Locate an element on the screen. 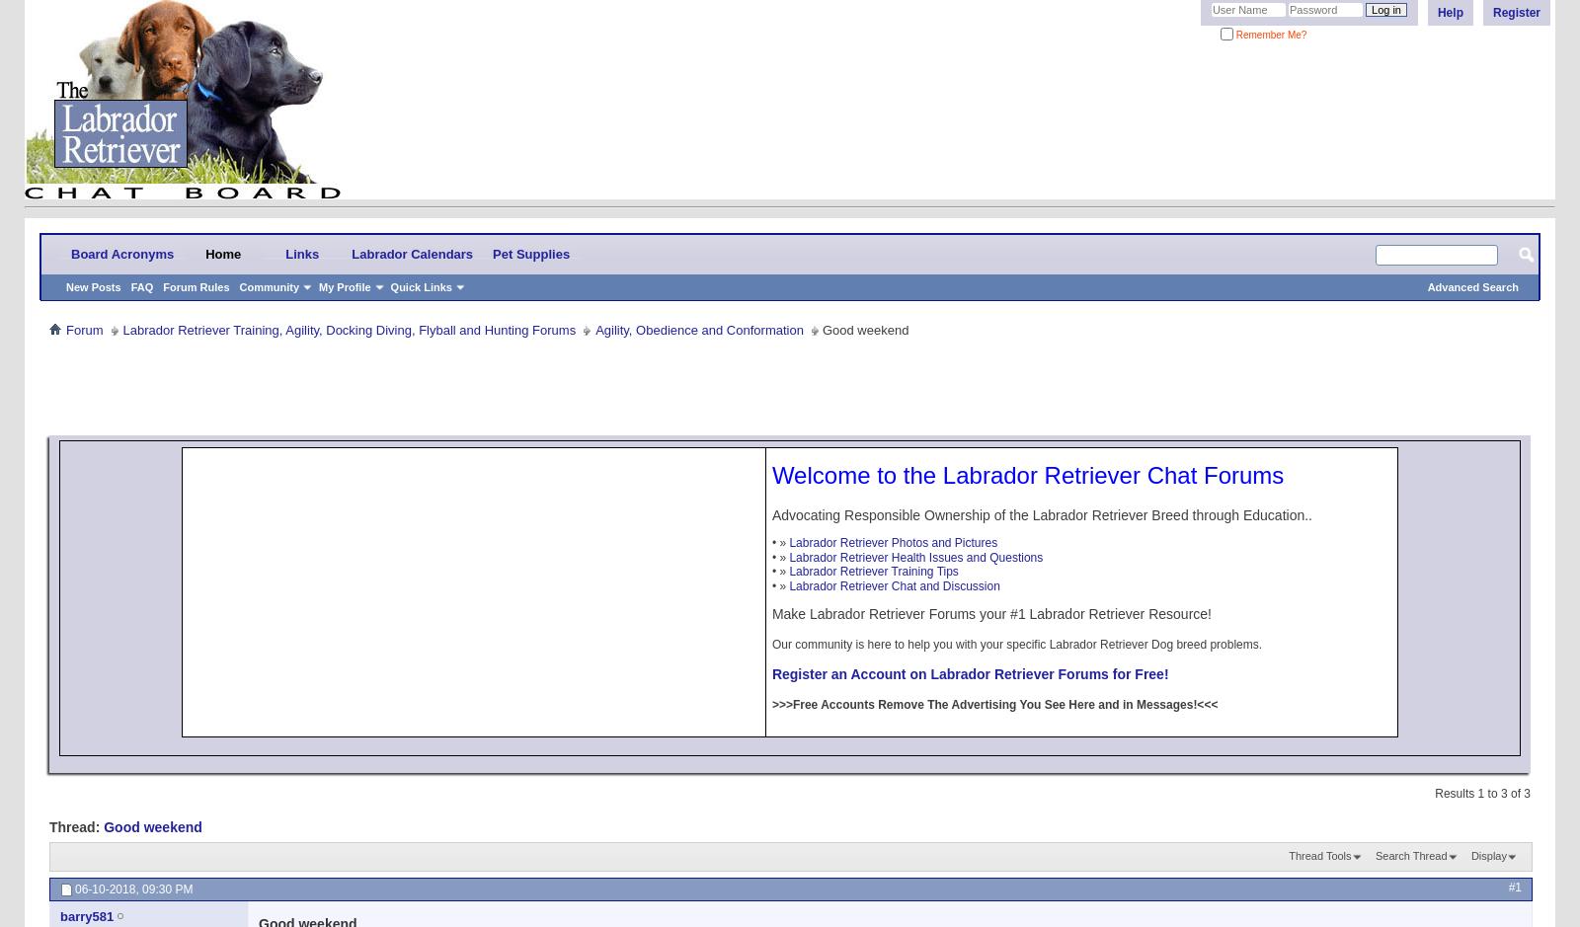  'Quick Links' is located at coordinates (419, 285).